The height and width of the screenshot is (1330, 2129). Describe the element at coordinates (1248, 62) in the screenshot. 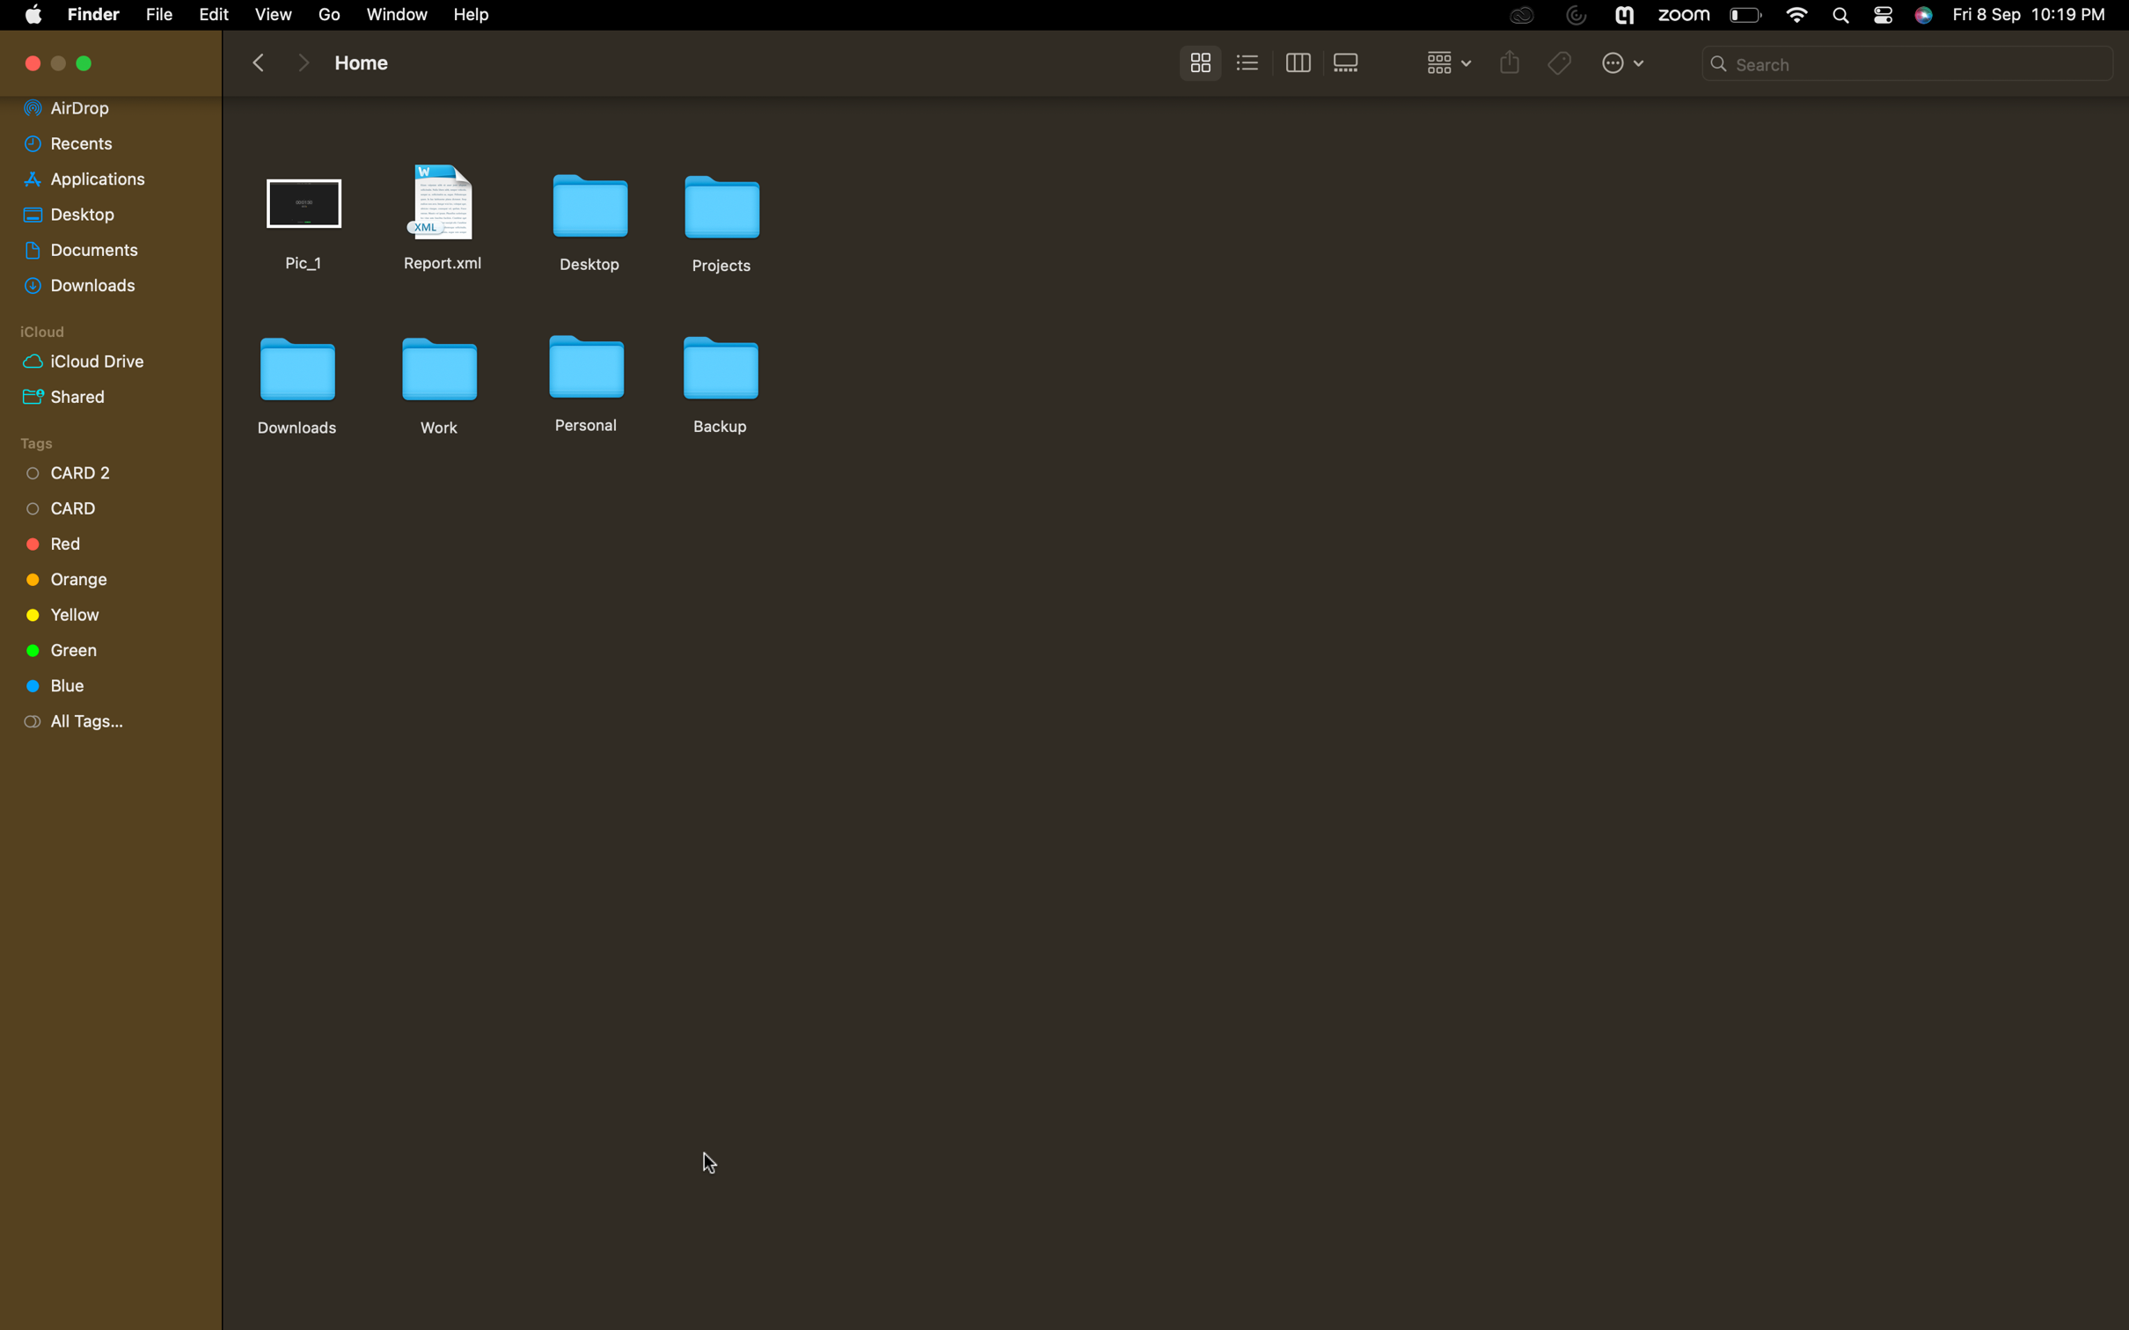

I see `Alter to list display mode` at that location.